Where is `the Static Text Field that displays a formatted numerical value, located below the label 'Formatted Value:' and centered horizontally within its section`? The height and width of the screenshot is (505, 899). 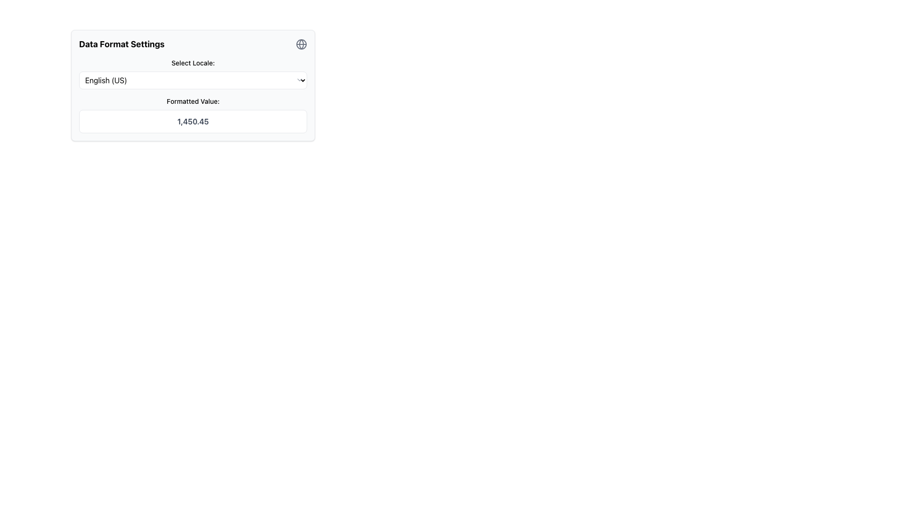
the Static Text Field that displays a formatted numerical value, located below the label 'Formatted Value:' and centered horizontally within its section is located at coordinates (192, 121).